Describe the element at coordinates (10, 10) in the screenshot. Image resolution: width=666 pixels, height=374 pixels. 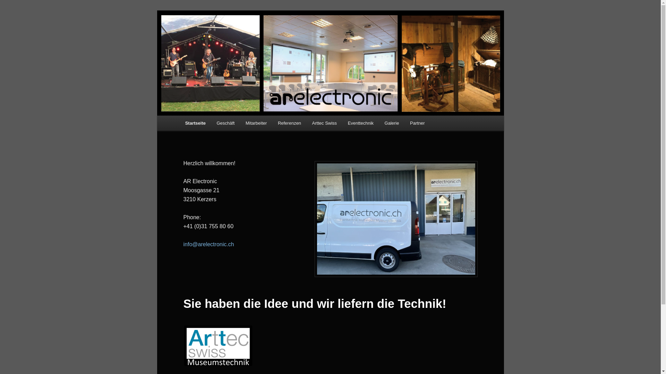
I see `'Zum Inhalt wechseln'` at that location.